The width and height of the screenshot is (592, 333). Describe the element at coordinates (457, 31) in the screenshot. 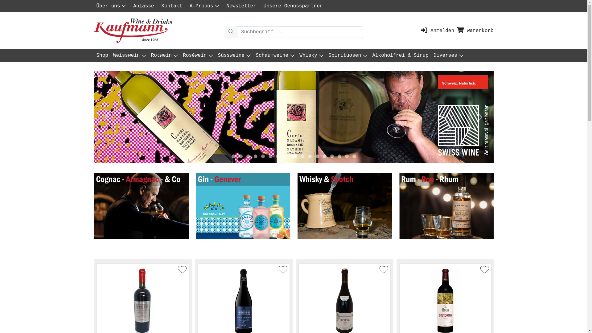

I see `'Warenkorb'` at that location.